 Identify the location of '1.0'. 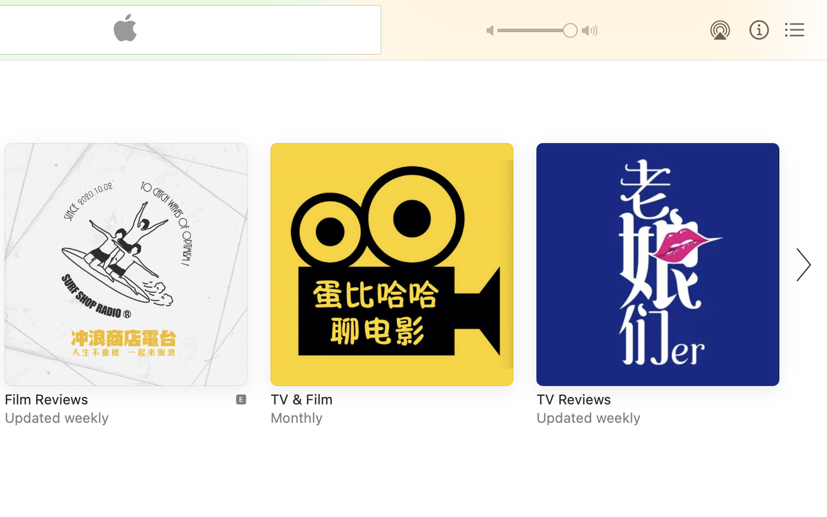
(538, 30).